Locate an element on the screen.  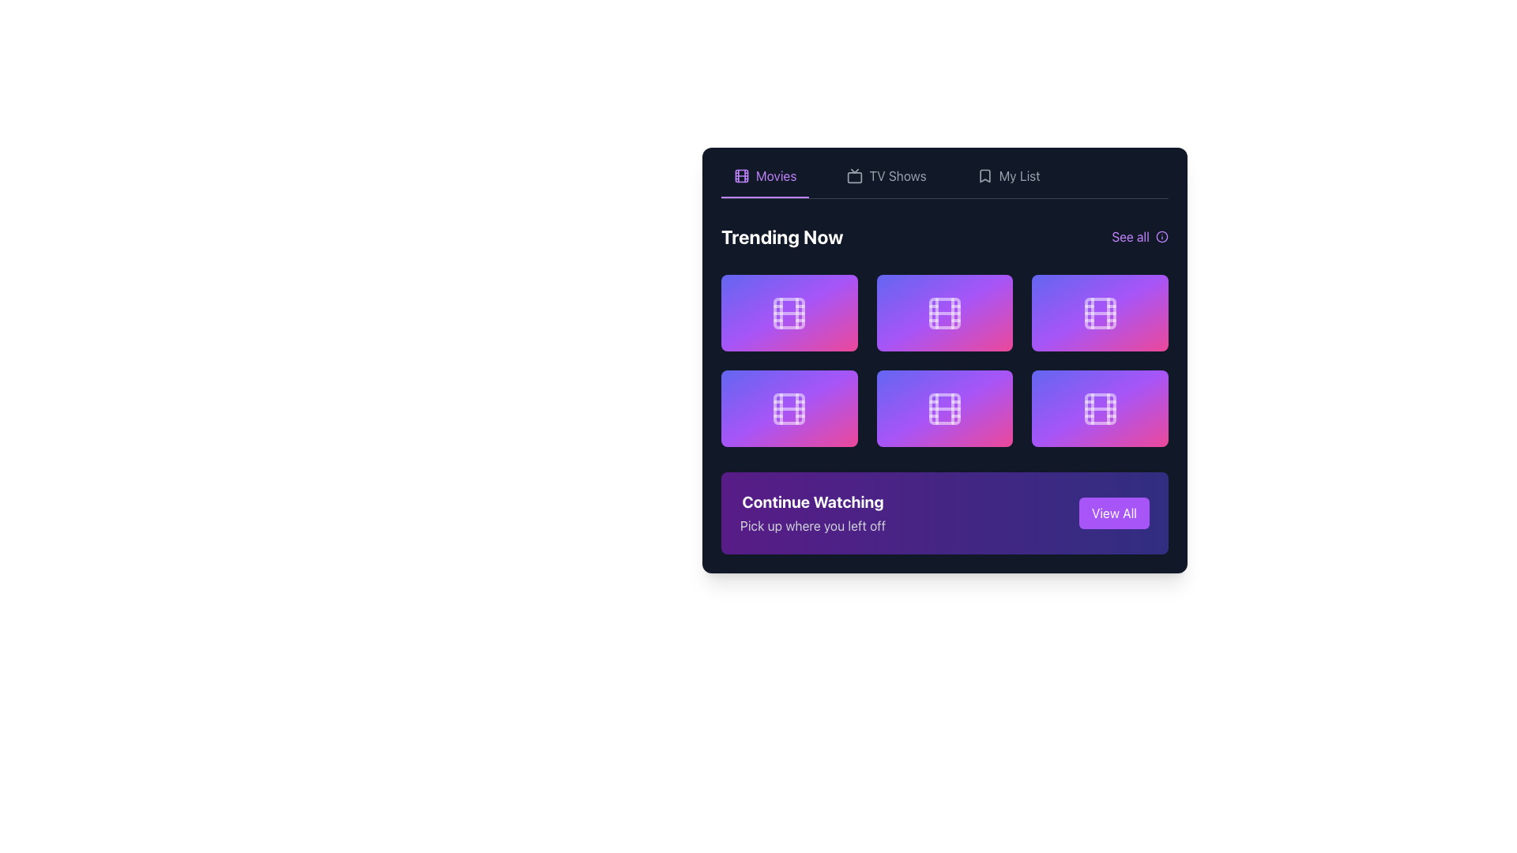
the interactive text label 'See all' in the upper-right corner of the 'Trending Now' panel is located at coordinates (1130, 237).